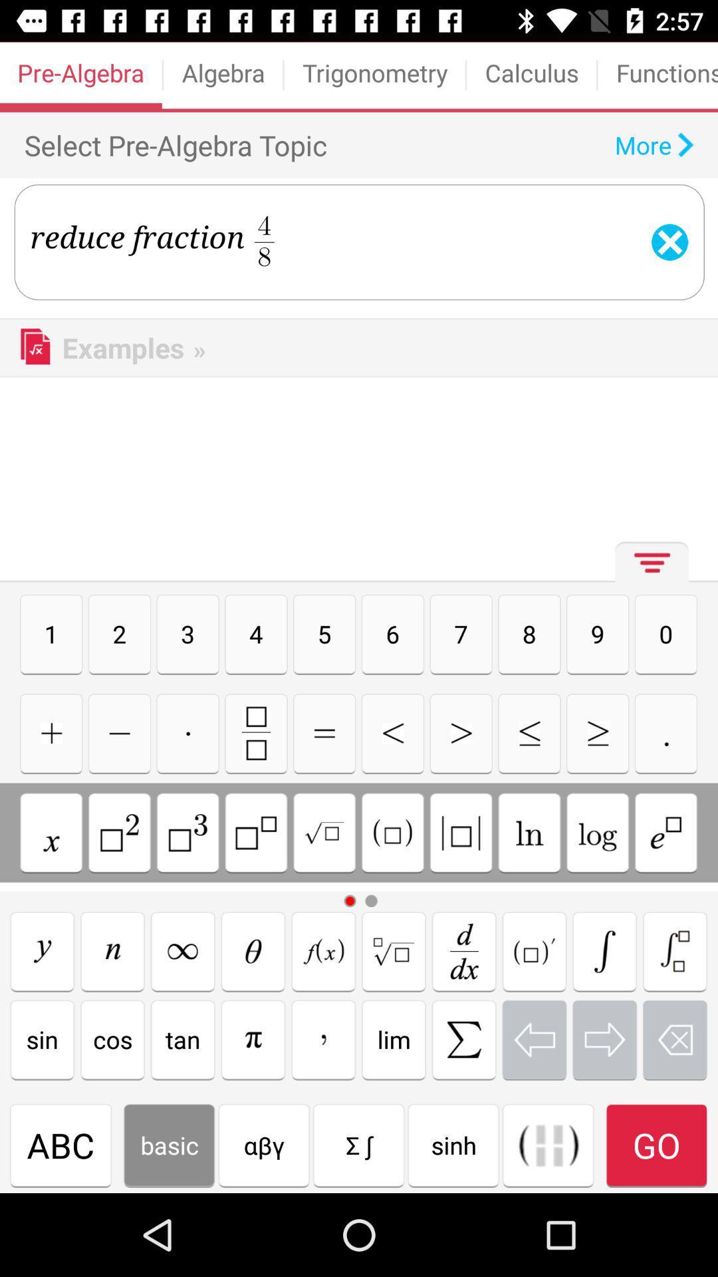  What do you see at coordinates (666, 732) in the screenshot?
I see `period` at bounding box center [666, 732].